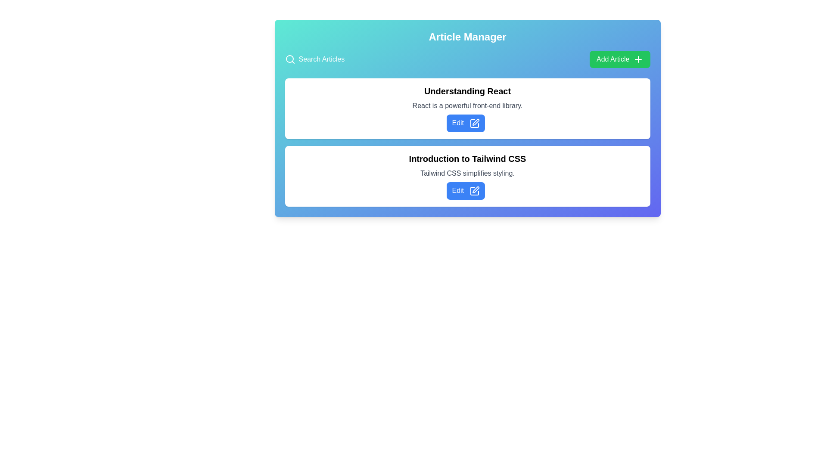 The width and height of the screenshot is (827, 465). I want to click on the first icon in the edit action group, located next to the blue 'Edit' buttons for managing articles, so click(474, 123).